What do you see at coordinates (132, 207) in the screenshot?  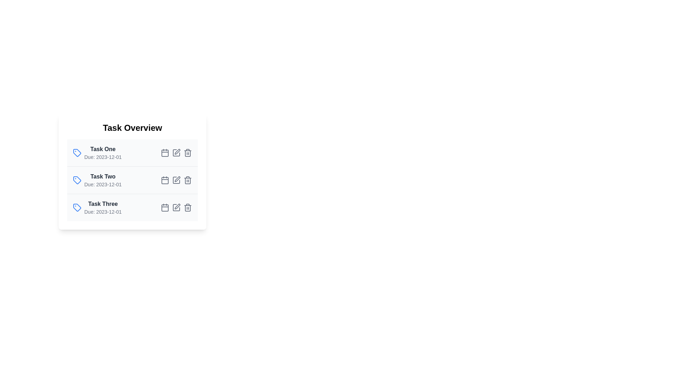 I see `the third task entry in the 'Task Overview' list` at bounding box center [132, 207].